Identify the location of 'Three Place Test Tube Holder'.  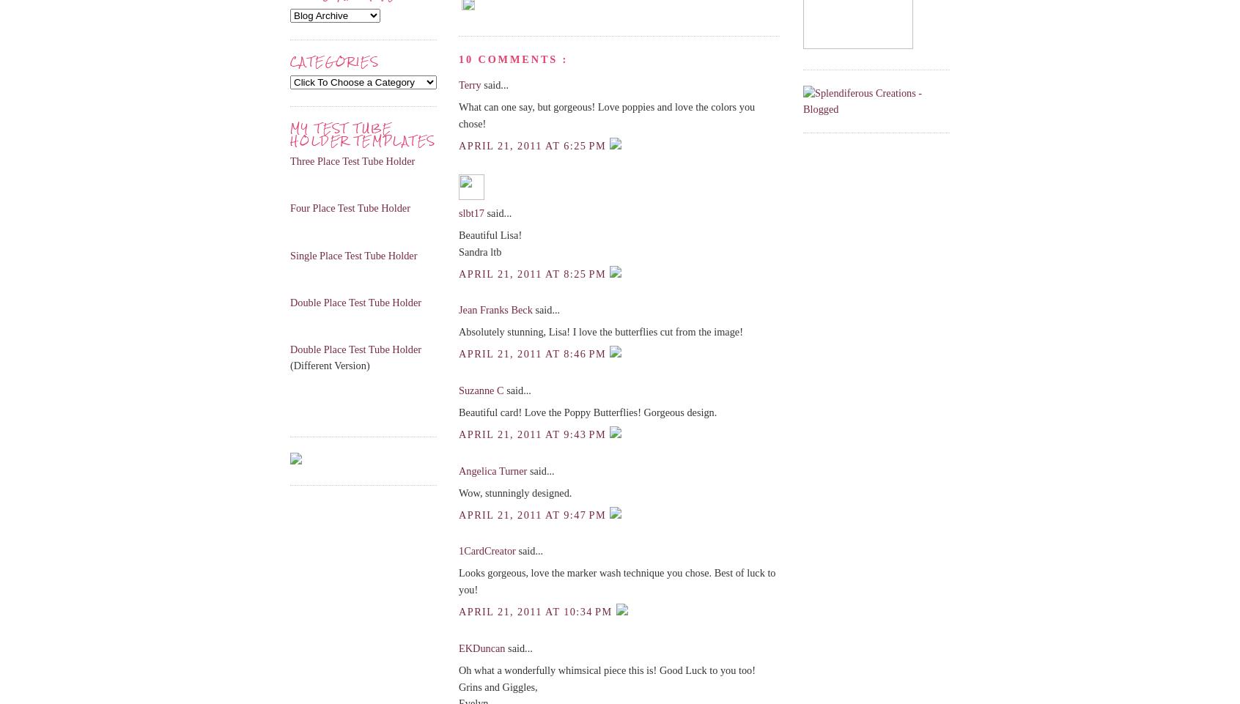
(352, 160).